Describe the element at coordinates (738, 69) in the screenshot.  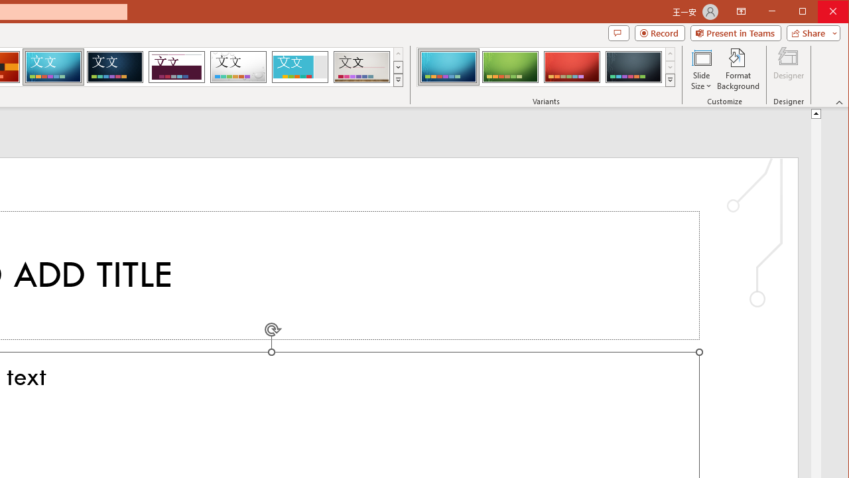
I see `'Format Background'` at that location.